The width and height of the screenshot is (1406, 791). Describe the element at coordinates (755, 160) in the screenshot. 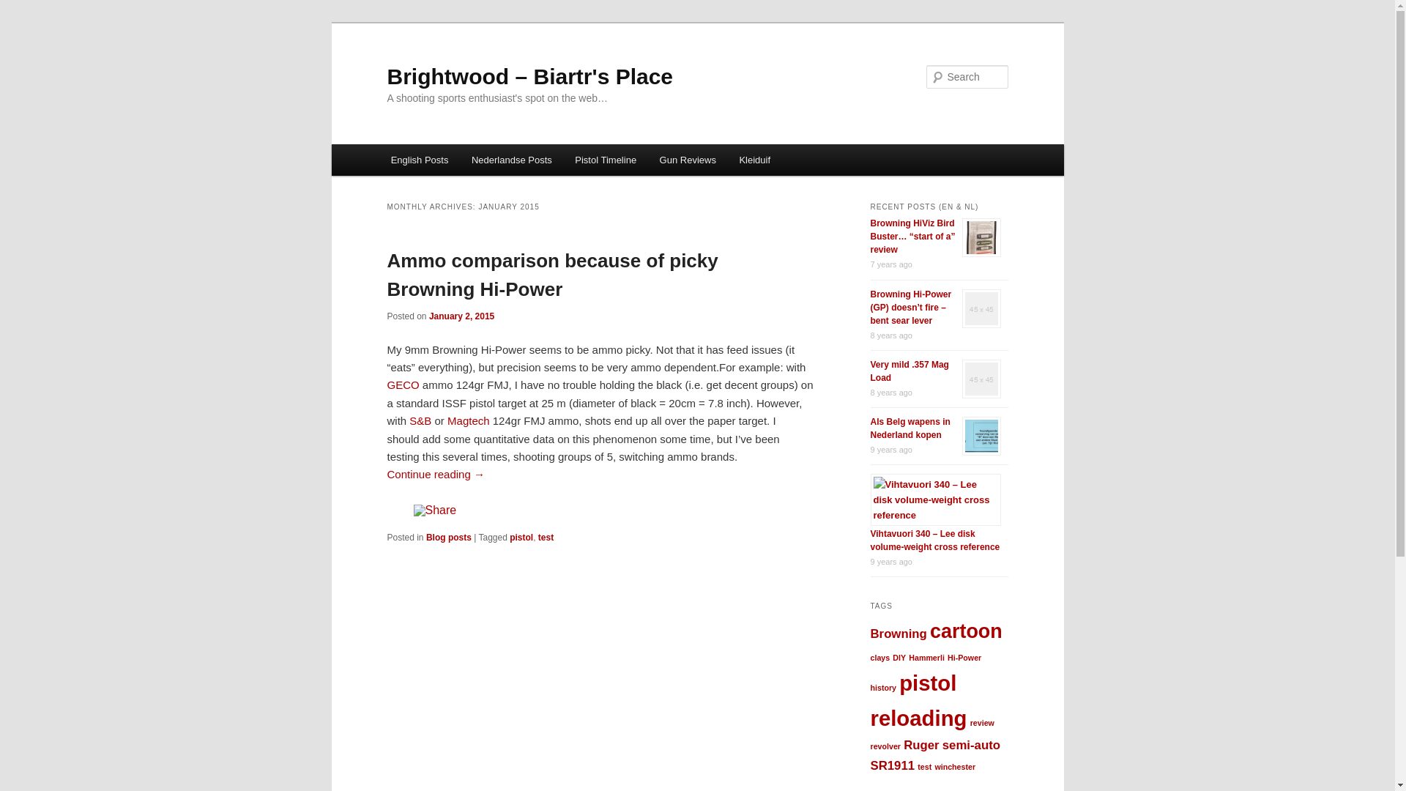

I see `'Kleiduif'` at that location.